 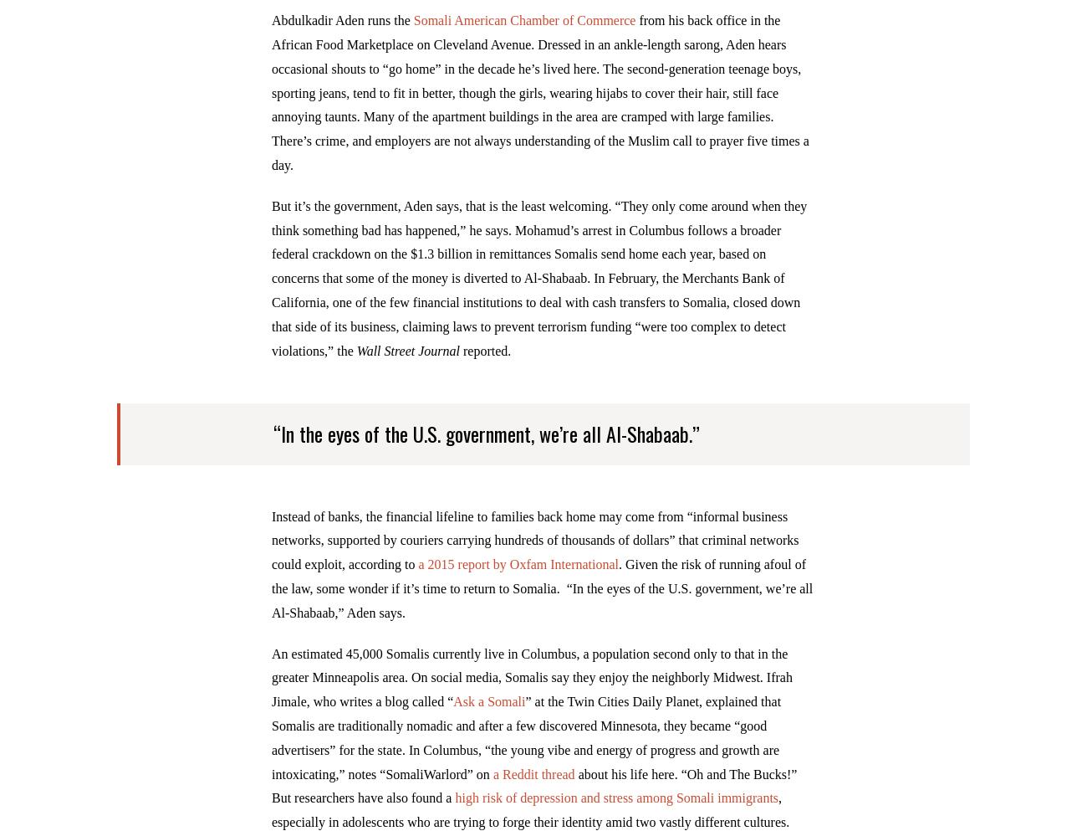 What do you see at coordinates (539, 289) in the screenshot?
I see `'But it’s the government, Aden says, that is the least welcoming. “They only come around when they think something bad has happened,” he says. Mohamud’s arrest in Columbus follows a broader federal crackdown on the $1.3 billion in remittances Somalis send home each year, based on concerns that some of the money is diverted to Al-Shabaab. In February, the Merchants Bank of California, one of the few financial institutions to deal with cash transfers to Somalia, closed down that side of its business, claiming laws to prevent terrorism funding “were too complex to detect violations,” the'` at bounding box center [539, 289].